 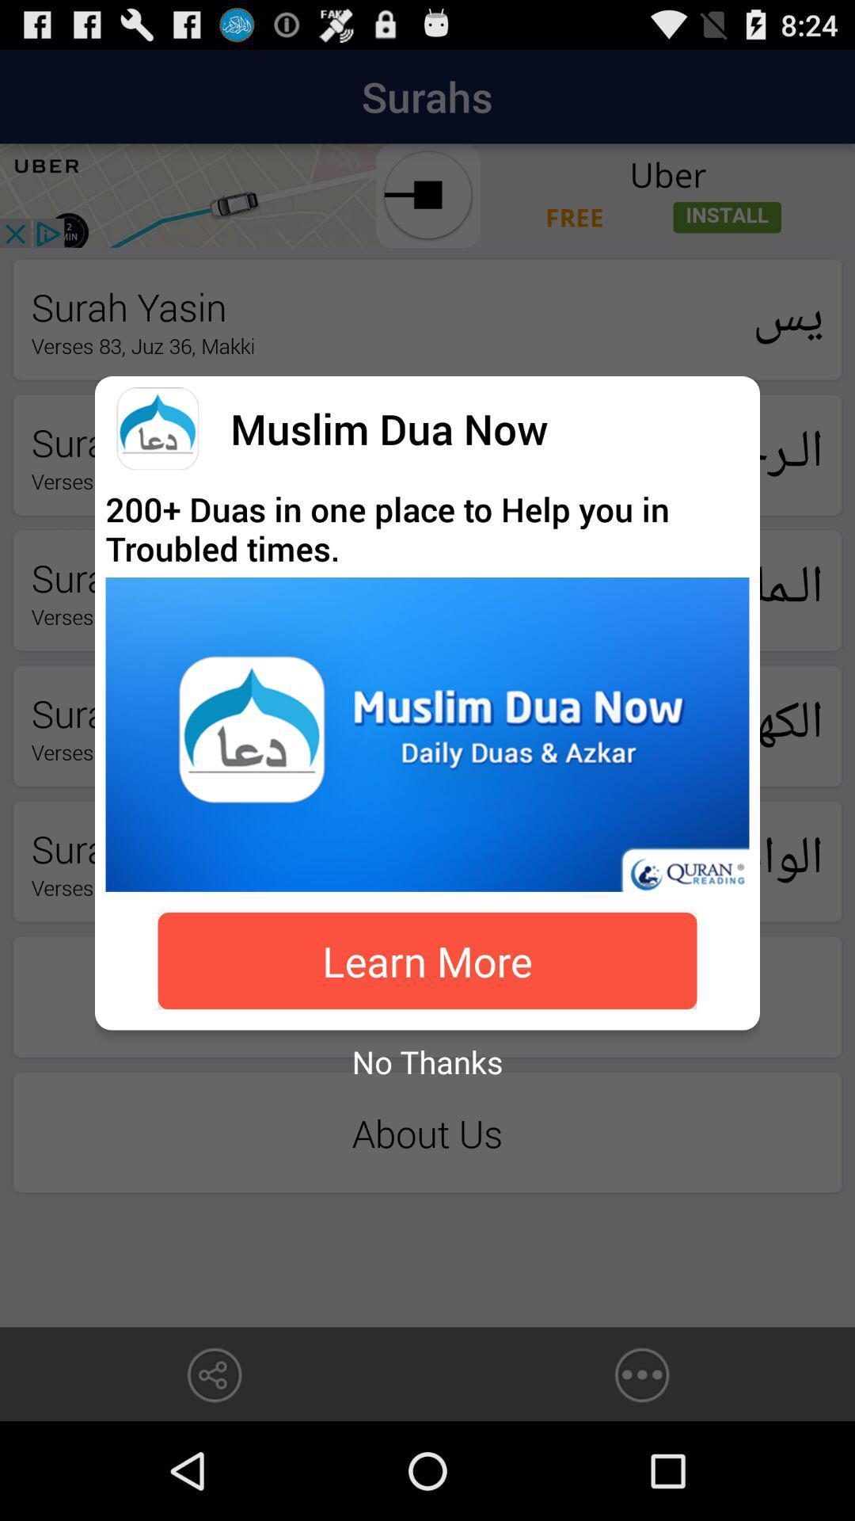 What do you see at coordinates (427, 1062) in the screenshot?
I see `the app below learn more` at bounding box center [427, 1062].